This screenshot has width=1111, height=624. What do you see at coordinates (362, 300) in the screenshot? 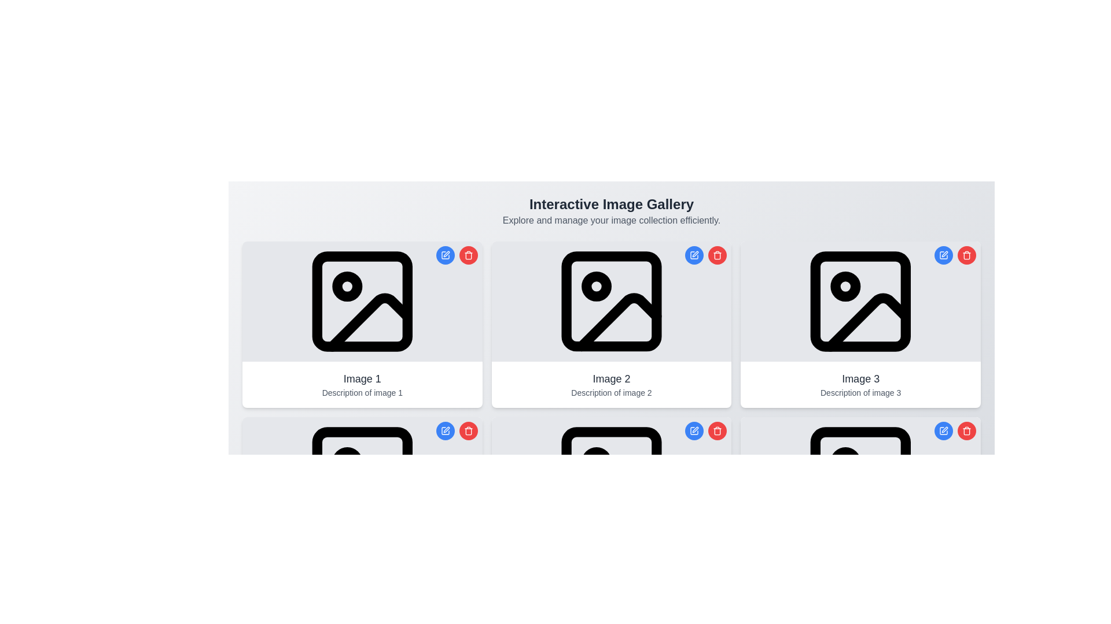
I see `the Image placeholder icon representing the card labeled 'Image 1', positioned in the first column and first row of the gallery grid` at bounding box center [362, 300].